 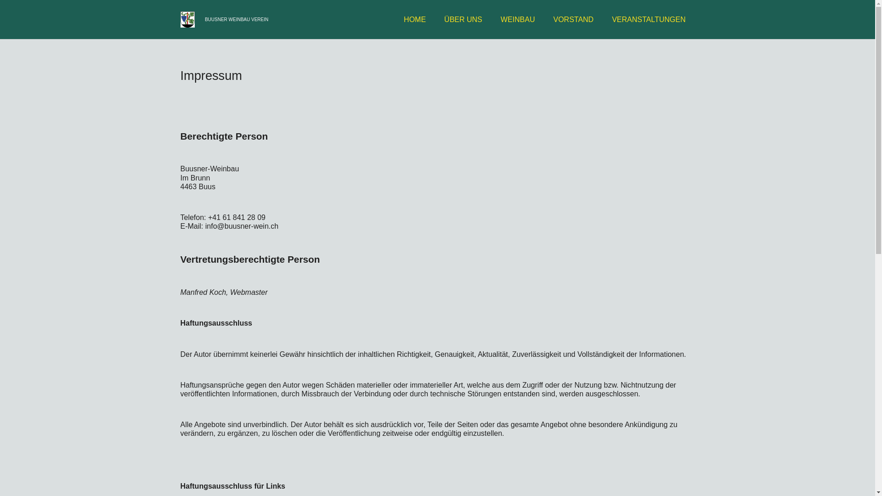 I want to click on 'HOME', so click(x=395, y=19).